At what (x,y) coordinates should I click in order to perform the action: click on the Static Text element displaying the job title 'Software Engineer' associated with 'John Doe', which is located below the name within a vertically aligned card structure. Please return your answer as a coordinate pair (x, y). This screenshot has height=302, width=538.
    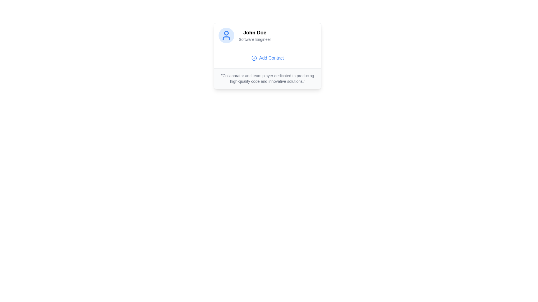
    Looking at the image, I should click on (254, 39).